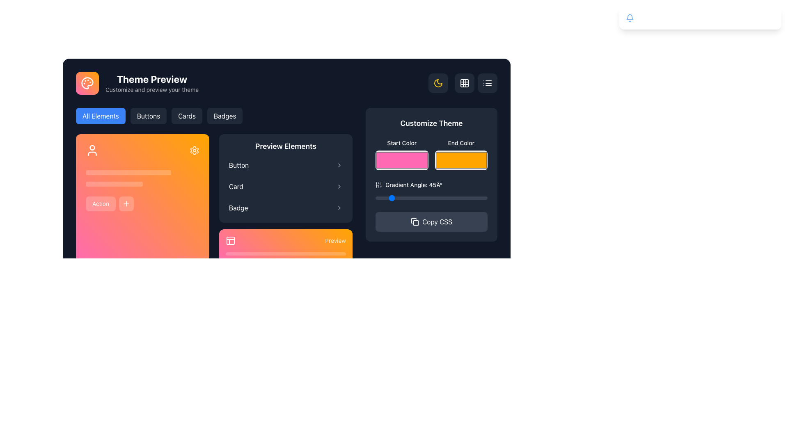  Describe the element at coordinates (92, 150) in the screenshot. I see `the user profile icon located in the top-left corner of the panel with a gradient orange background` at that location.